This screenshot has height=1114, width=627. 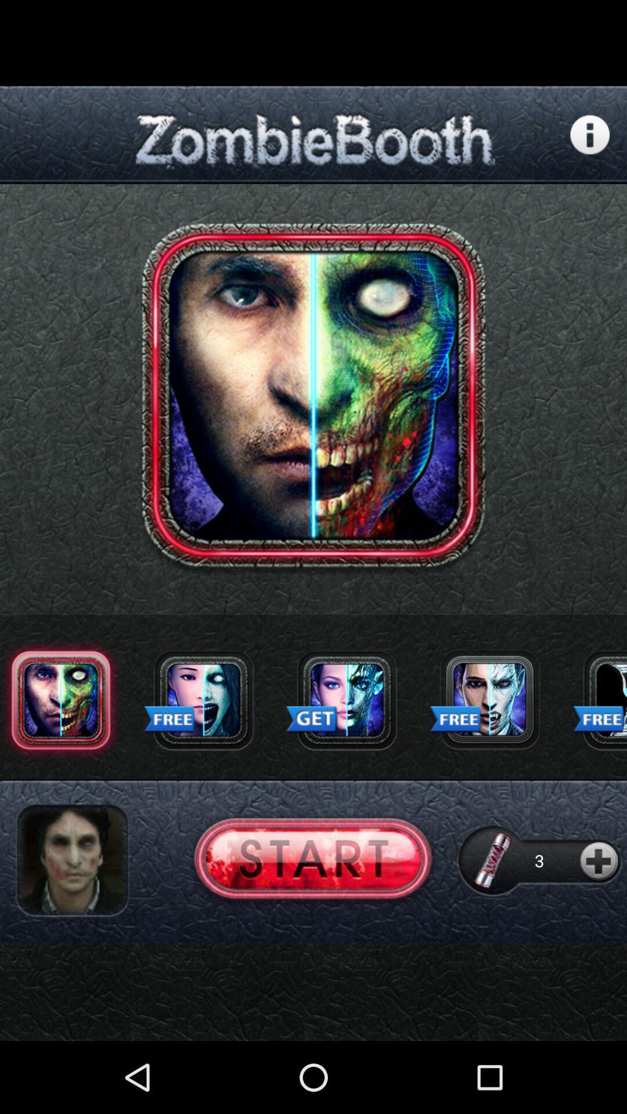 What do you see at coordinates (346, 699) in the screenshot?
I see `get` at bounding box center [346, 699].